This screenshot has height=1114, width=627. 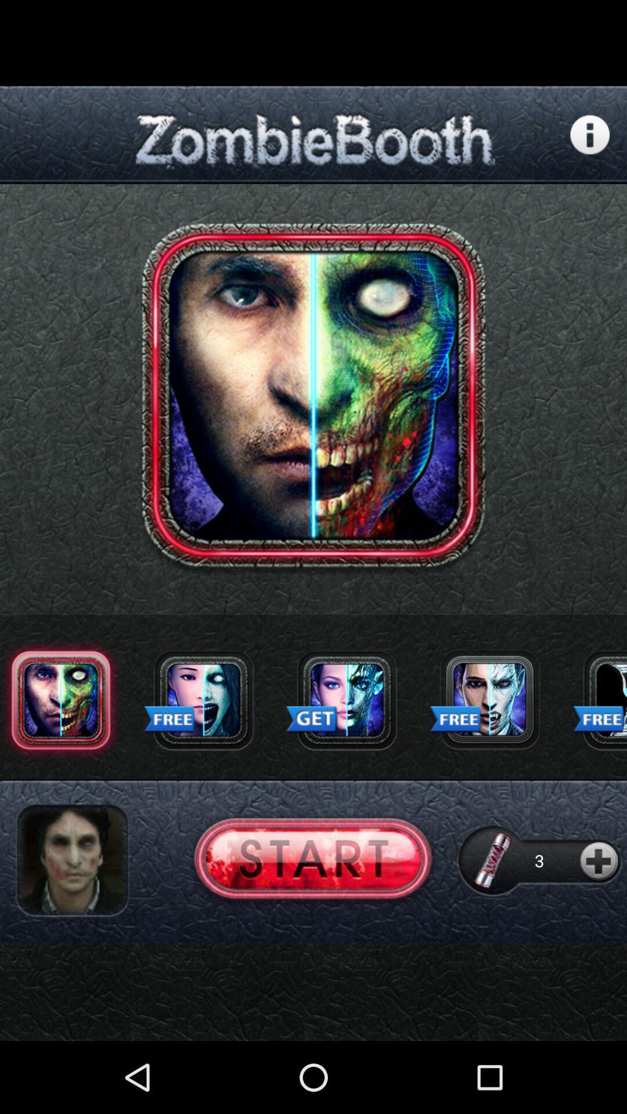 What do you see at coordinates (346, 699) in the screenshot?
I see `get` at bounding box center [346, 699].